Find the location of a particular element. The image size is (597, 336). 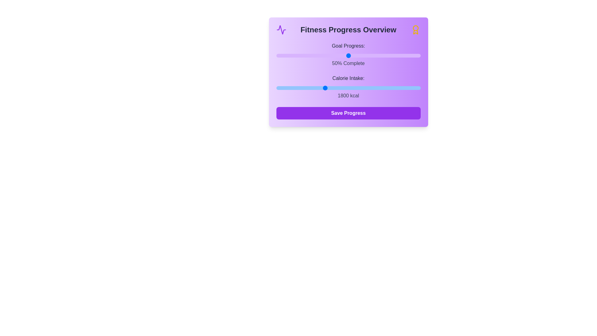

the 'Goal Progress' progress bar labeled '50% Complete', which is the second visible section under 'Fitness Progress Overview' is located at coordinates (348, 54).